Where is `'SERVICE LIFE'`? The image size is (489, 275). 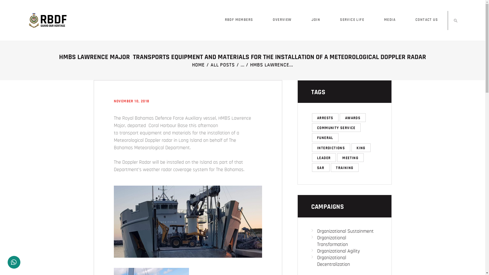
'SERVICE LIFE' is located at coordinates (352, 20).